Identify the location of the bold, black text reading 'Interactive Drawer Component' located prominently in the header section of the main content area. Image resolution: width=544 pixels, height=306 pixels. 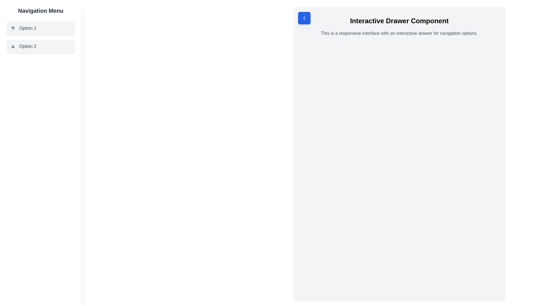
(399, 20).